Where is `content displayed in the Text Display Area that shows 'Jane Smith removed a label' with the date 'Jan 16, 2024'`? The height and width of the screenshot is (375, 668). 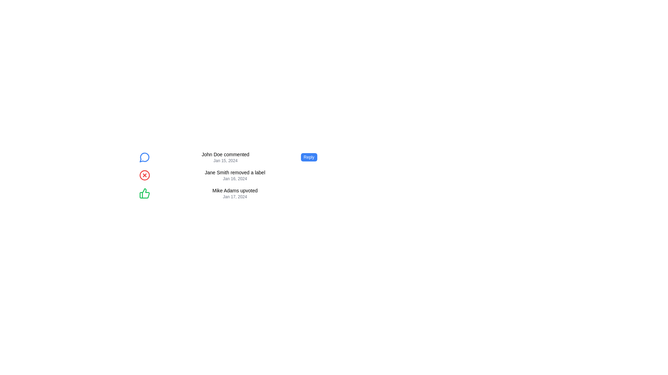
content displayed in the Text Display Area that shows 'Jane Smith removed a label' with the date 'Jan 16, 2024' is located at coordinates (228, 175).